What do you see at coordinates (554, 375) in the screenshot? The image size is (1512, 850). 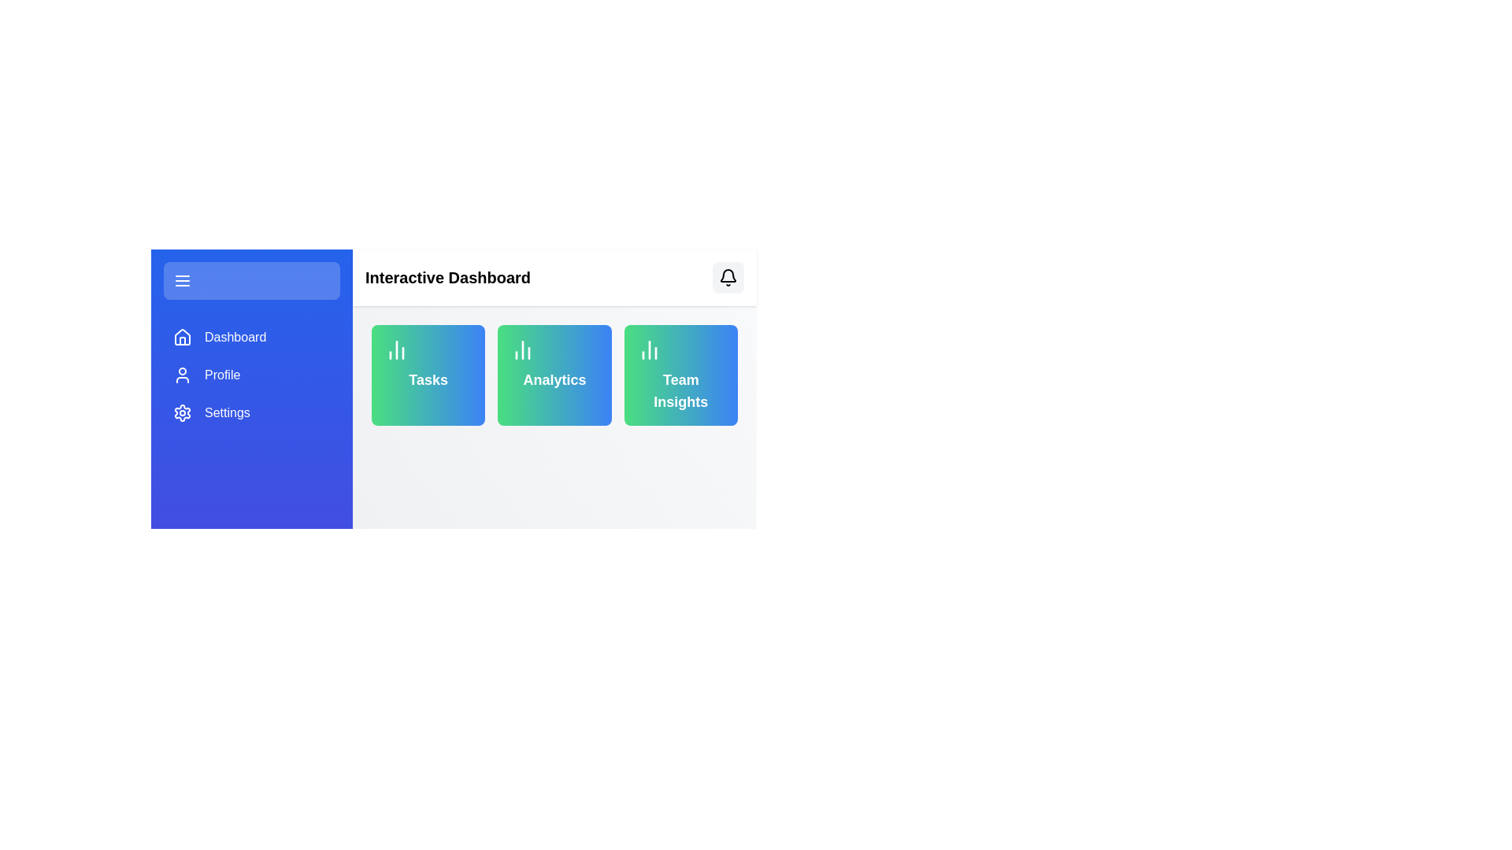 I see `the 'Analytics' card widget, which features a gradient background from green to blue, with a bar chart icon and the text 'Analytics' in bold white font located at the bottom` at bounding box center [554, 375].